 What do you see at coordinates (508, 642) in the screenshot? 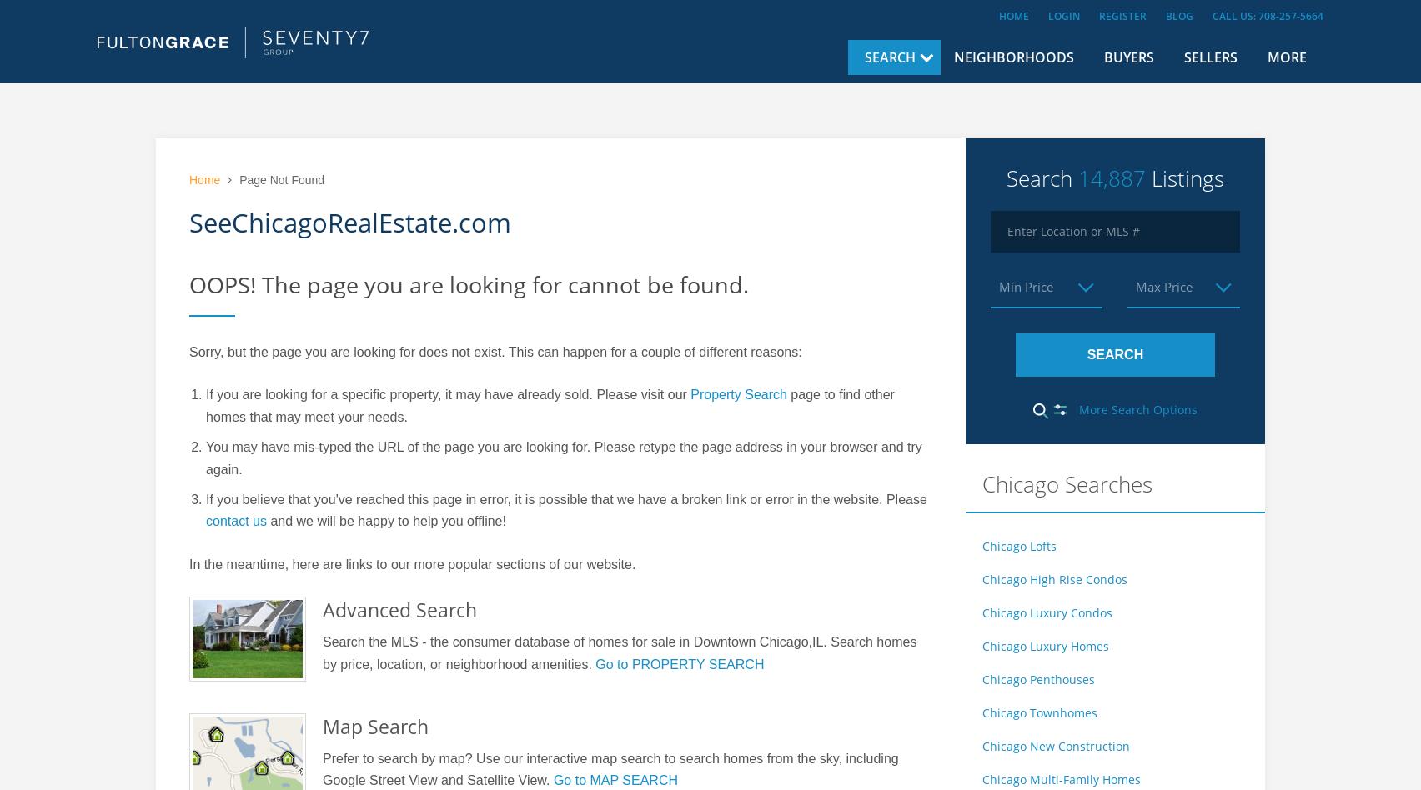
I see `'Search the MLS - the consumer database of homes for sale in'` at bounding box center [508, 642].